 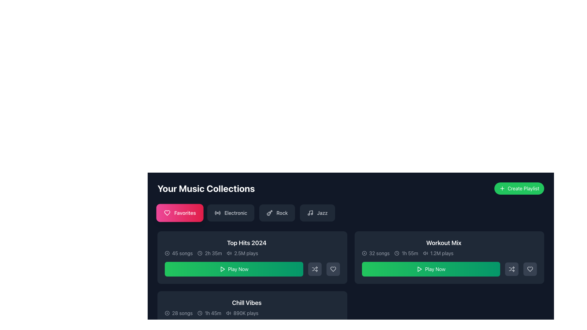 I want to click on the small speaker icon with soundwaves, located immediately to the left of the '2.5M plays' text in the 'Top Hits 2024' music card, so click(x=229, y=253).